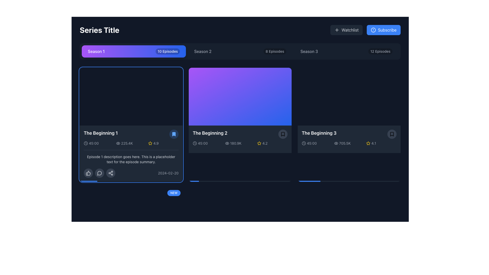 This screenshot has height=275, width=489. What do you see at coordinates (380, 51) in the screenshot?
I see `the text label displaying '12 Episodes' which is styled with rounded edges and a semi-transparent dark background, positioned next to the 'Season 3' label` at bounding box center [380, 51].